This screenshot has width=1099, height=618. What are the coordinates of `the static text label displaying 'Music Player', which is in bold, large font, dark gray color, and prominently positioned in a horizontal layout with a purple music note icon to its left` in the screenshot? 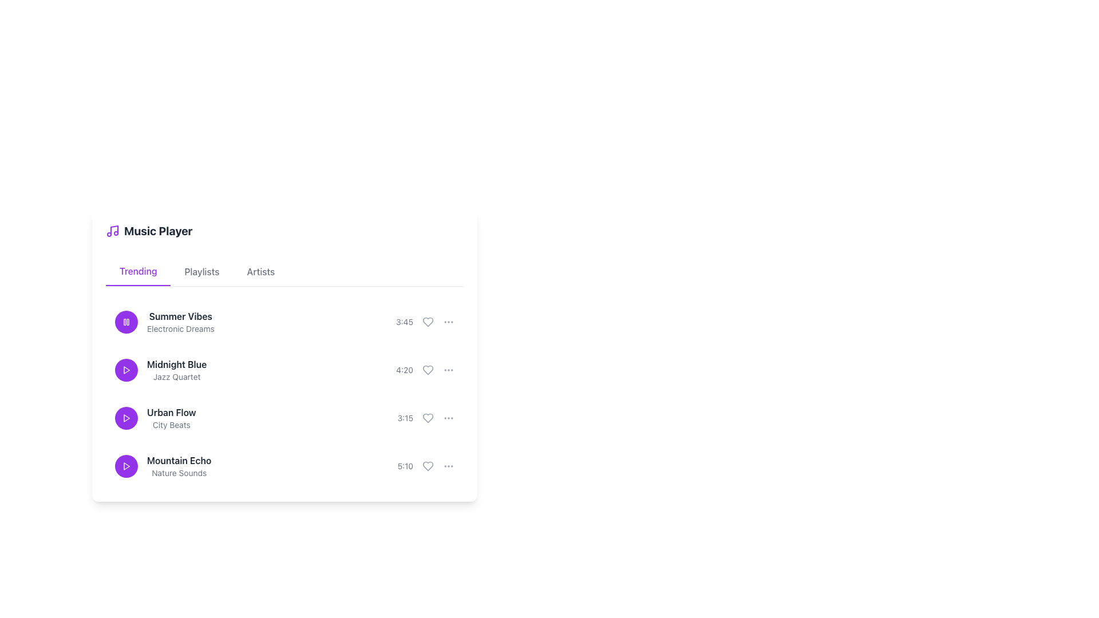 It's located at (157, 231).